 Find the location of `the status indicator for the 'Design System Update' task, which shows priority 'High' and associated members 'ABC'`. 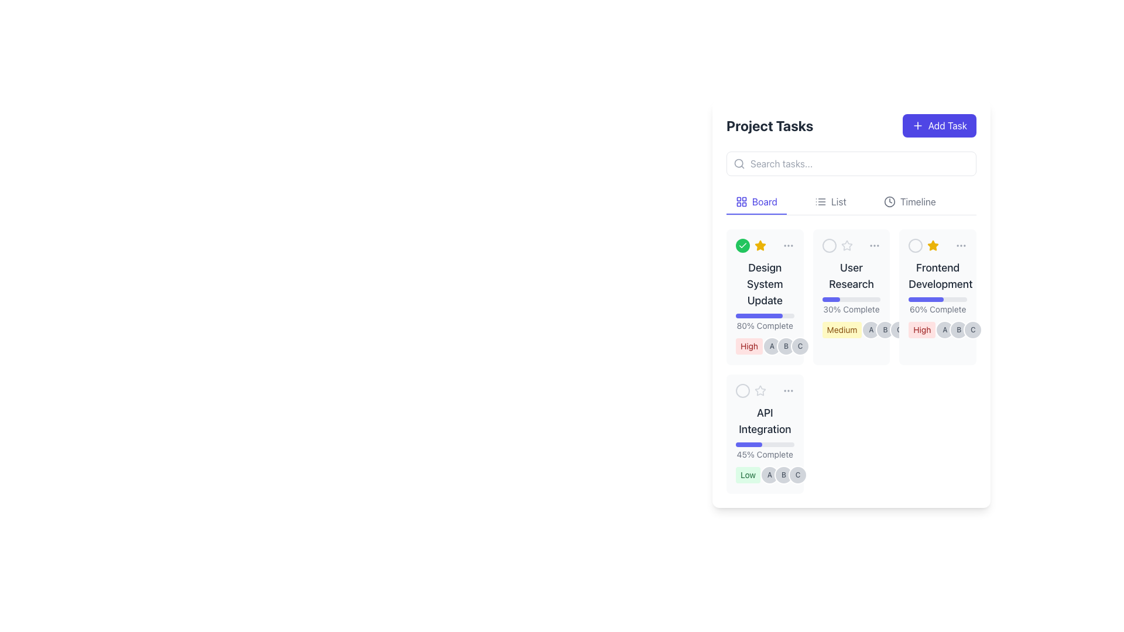

the status indicator for the 'Design System Update' task, which shows priority 'High' and associated members 'ABC' is located at coordinates (765, 345).